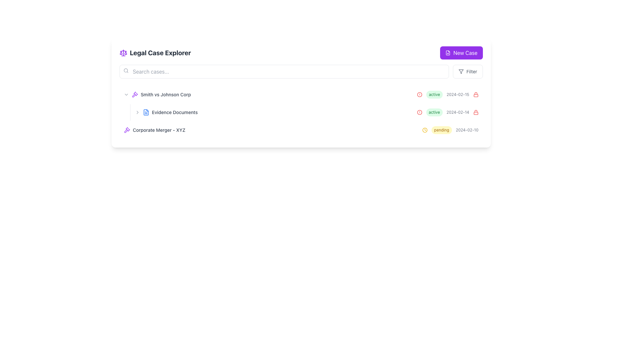 The width and height of the screenshot is (632, 355). Describe the element at coordinates (458, 112) in the screenshot. I see `the date label '2024-02-14' which is aligned to the right of a highlighted row containing status and interactive icons, located in the second row of a vertical list` at that location.